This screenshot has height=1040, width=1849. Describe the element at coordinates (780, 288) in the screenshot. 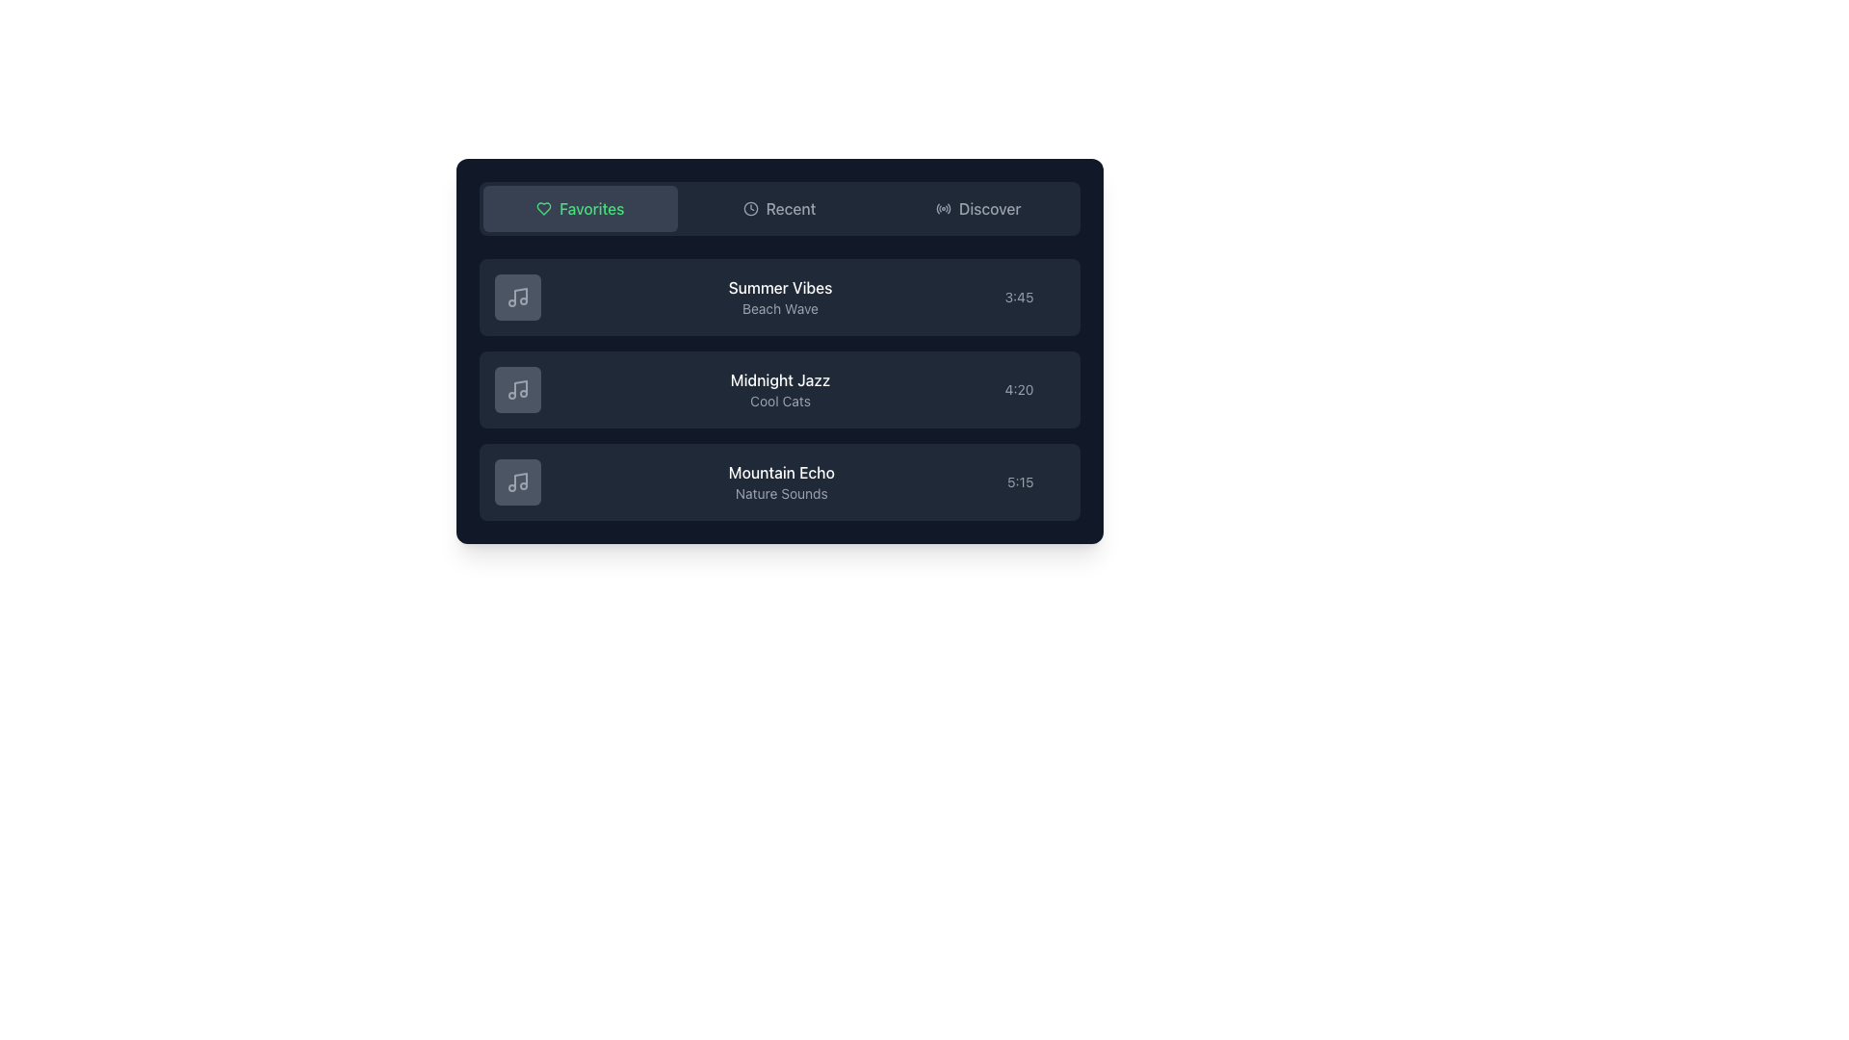

I see `the text label displaying 'Summer Vibes'` at that location.